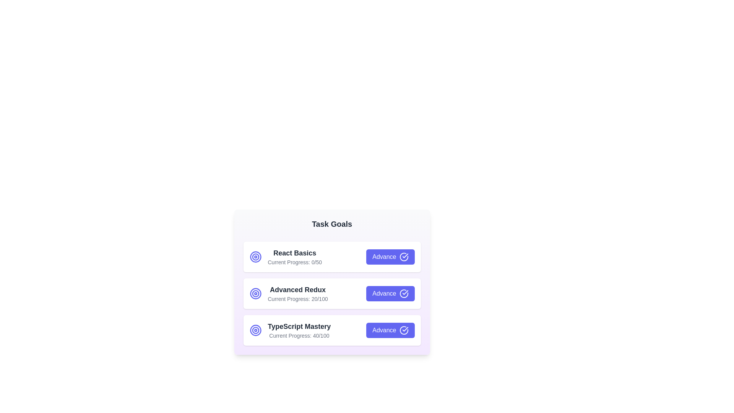  I want to click on the SVG Icon located to the right of the 'Advance' button text, so click(403, 257).